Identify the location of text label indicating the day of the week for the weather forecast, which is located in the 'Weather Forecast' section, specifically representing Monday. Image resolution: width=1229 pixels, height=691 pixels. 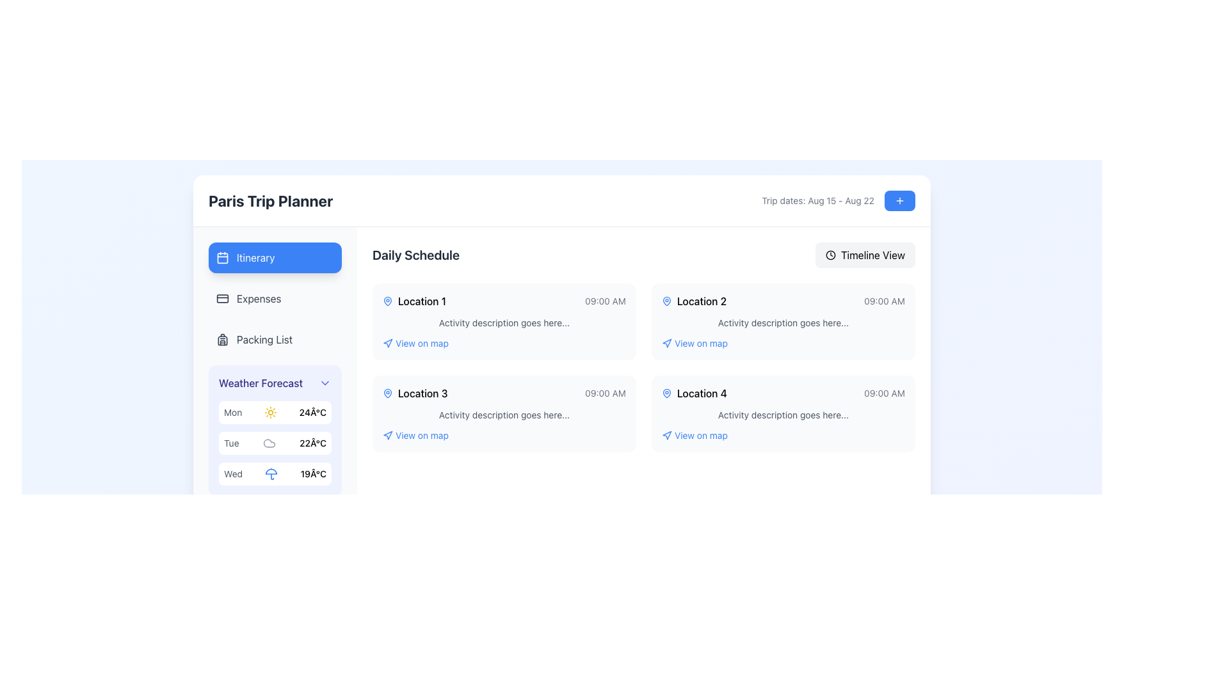
(233, 412).